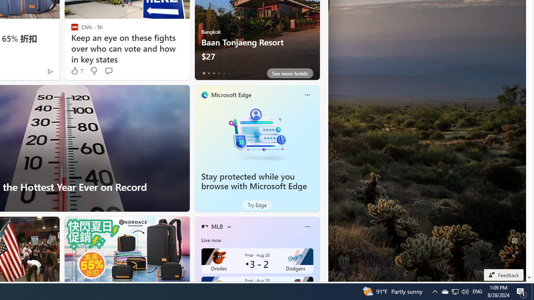  What do you see at coordinates (50, 71) in the screenshot?
I see `'Ad Choice'` at bounding box center [50, 71].